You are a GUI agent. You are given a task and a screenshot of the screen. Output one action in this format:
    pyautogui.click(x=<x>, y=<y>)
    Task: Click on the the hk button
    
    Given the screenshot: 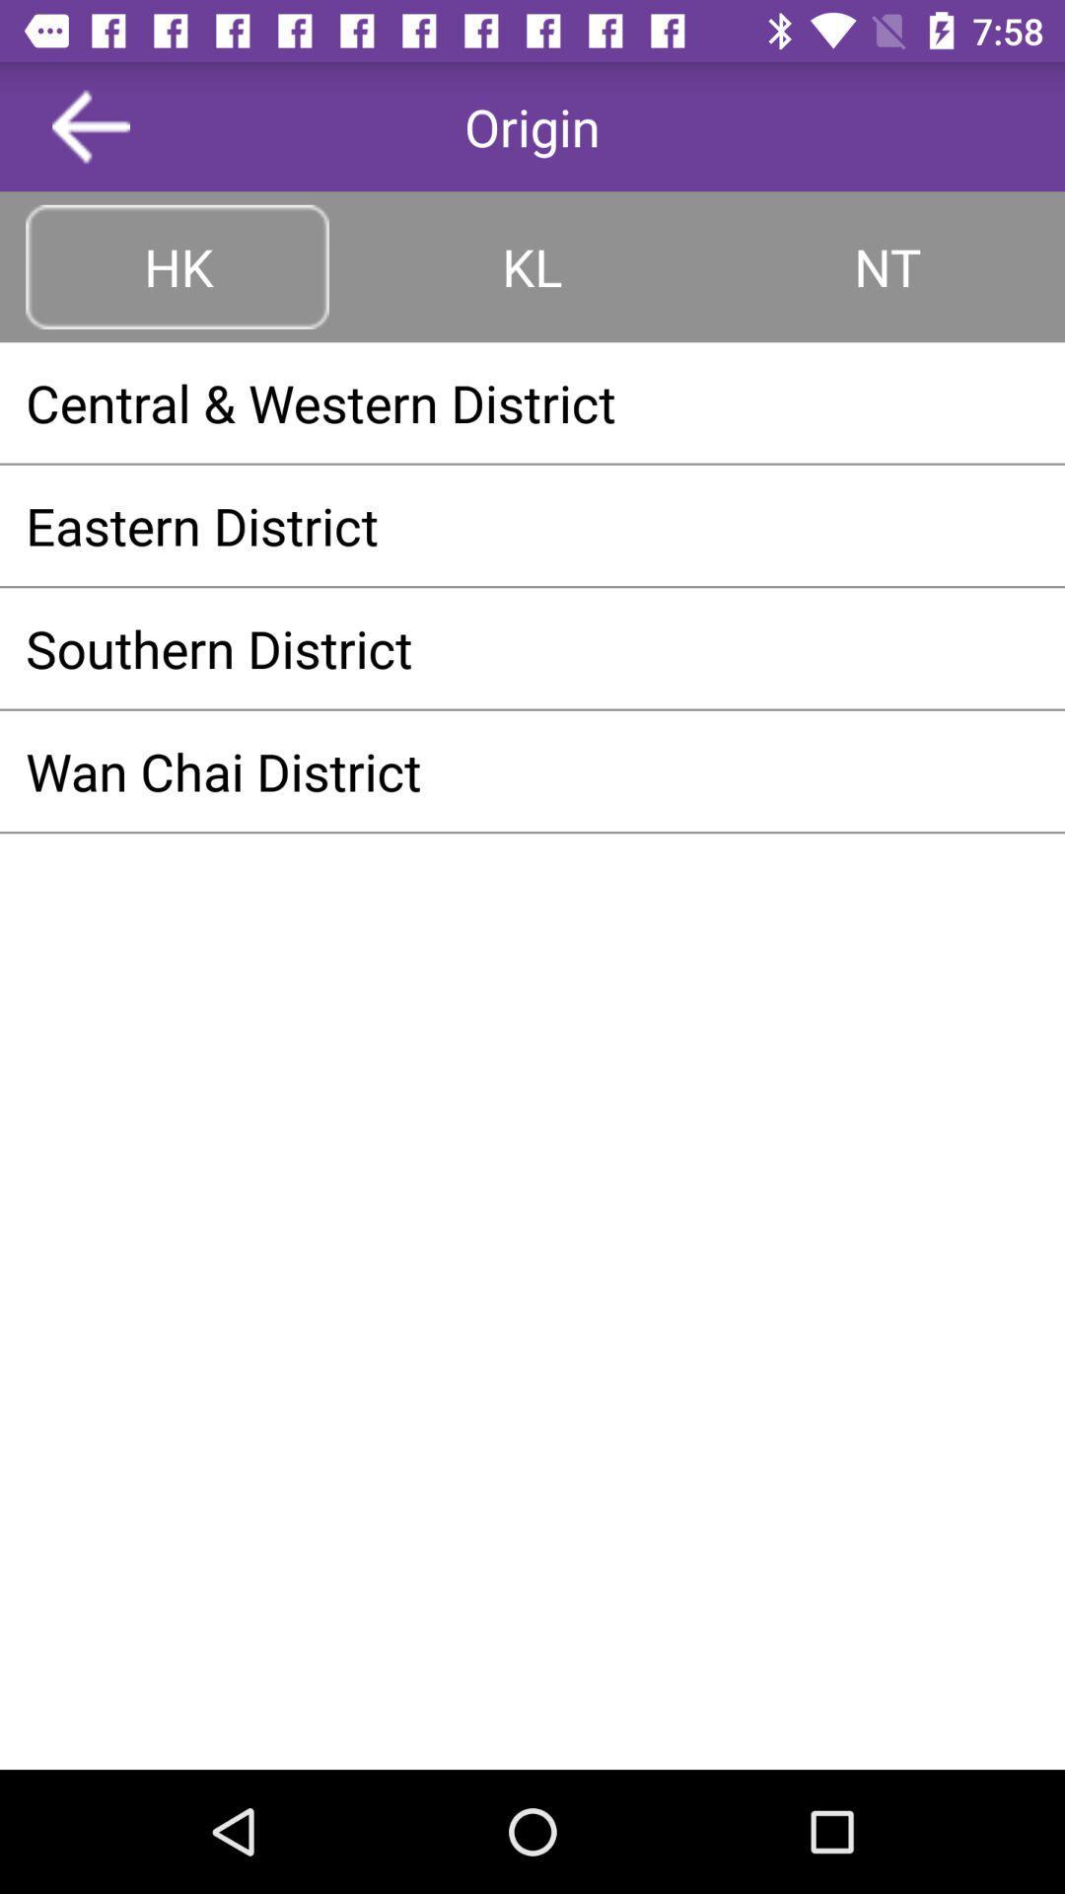 What is the action you would take?
    pyautogui.click(x=177, y=265)
    